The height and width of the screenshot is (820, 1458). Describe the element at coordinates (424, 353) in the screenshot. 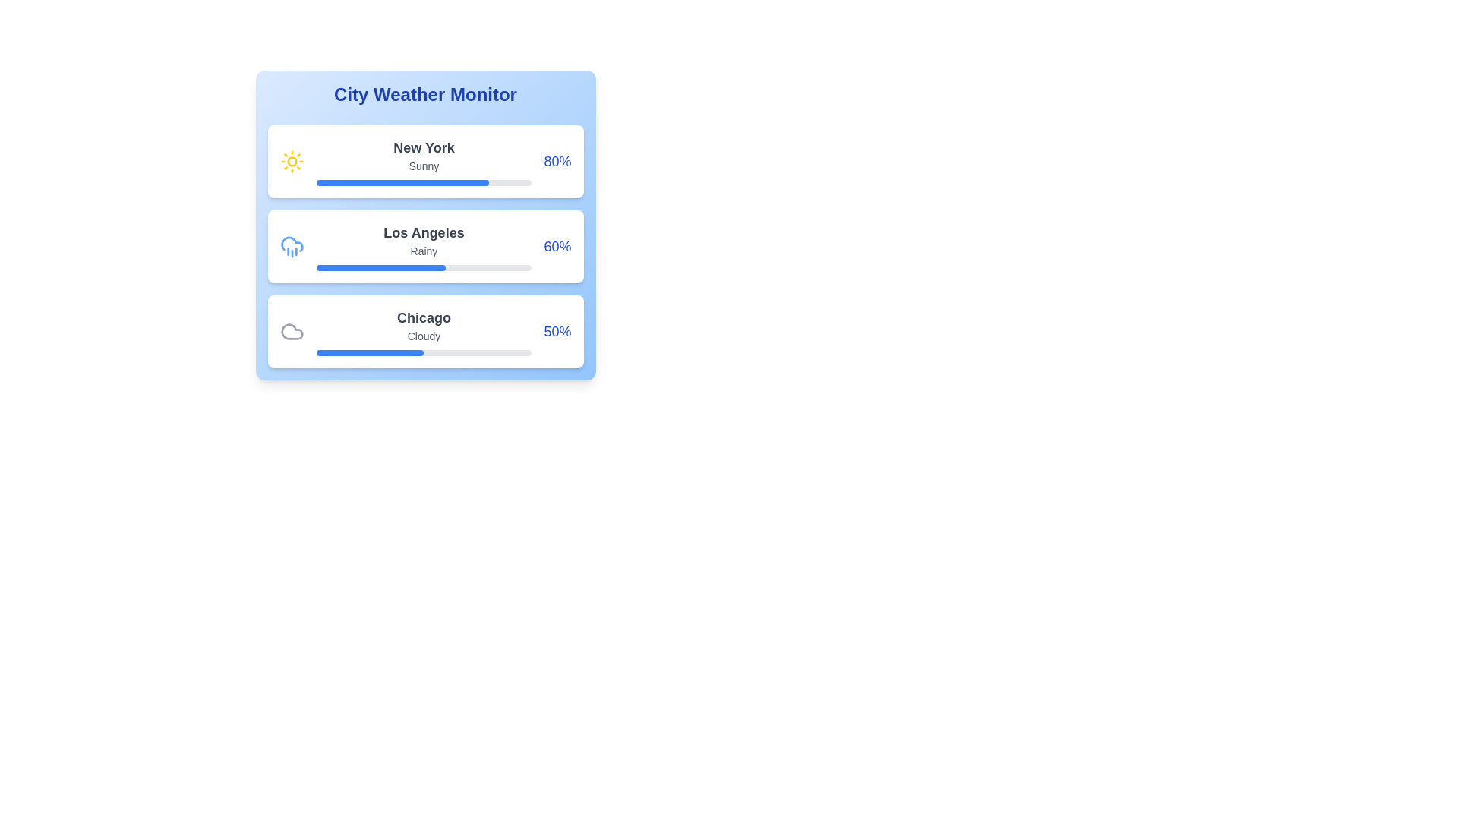

I see `the third progress bar under the 'City Weather Monitor' section, which indicates 50% progress with a blue-filled portion` at that location.